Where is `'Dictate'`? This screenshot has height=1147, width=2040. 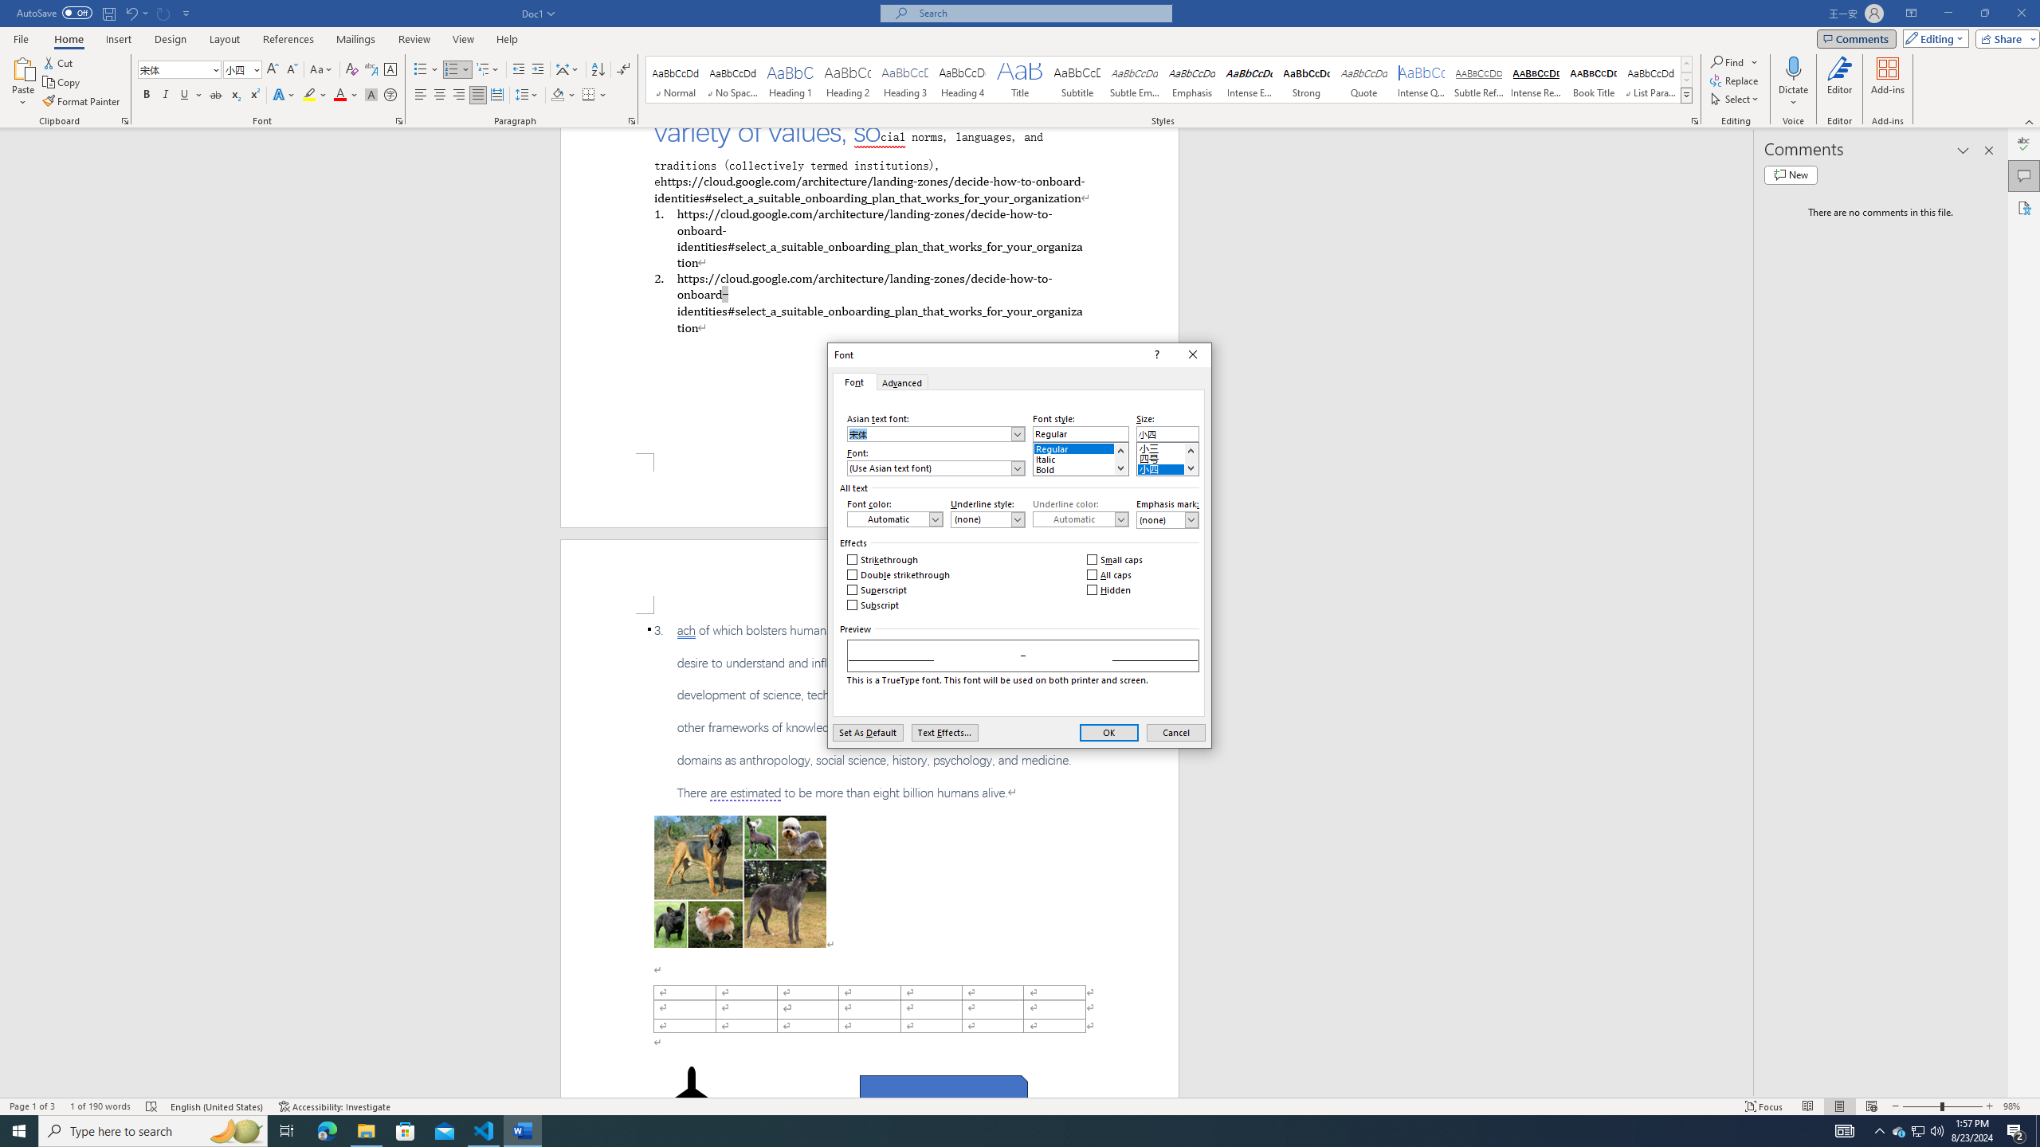 'Dictate' is located at coordinates (1793, 82).